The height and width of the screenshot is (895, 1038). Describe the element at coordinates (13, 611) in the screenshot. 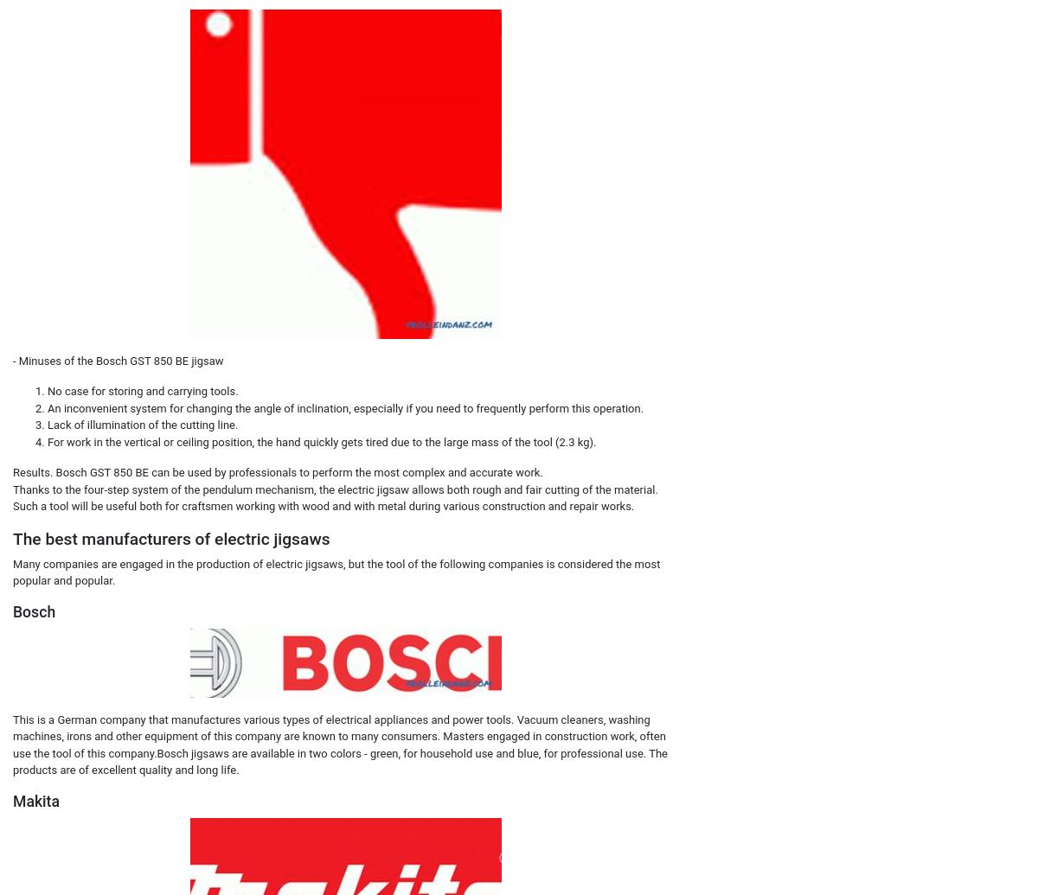

I see `'Bosch'` at that location.